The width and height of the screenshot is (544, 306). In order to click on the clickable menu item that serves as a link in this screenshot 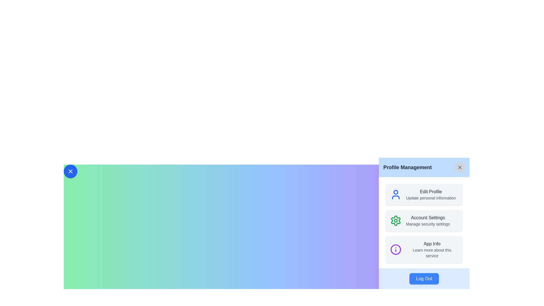, I will do `click(424, 222)`.